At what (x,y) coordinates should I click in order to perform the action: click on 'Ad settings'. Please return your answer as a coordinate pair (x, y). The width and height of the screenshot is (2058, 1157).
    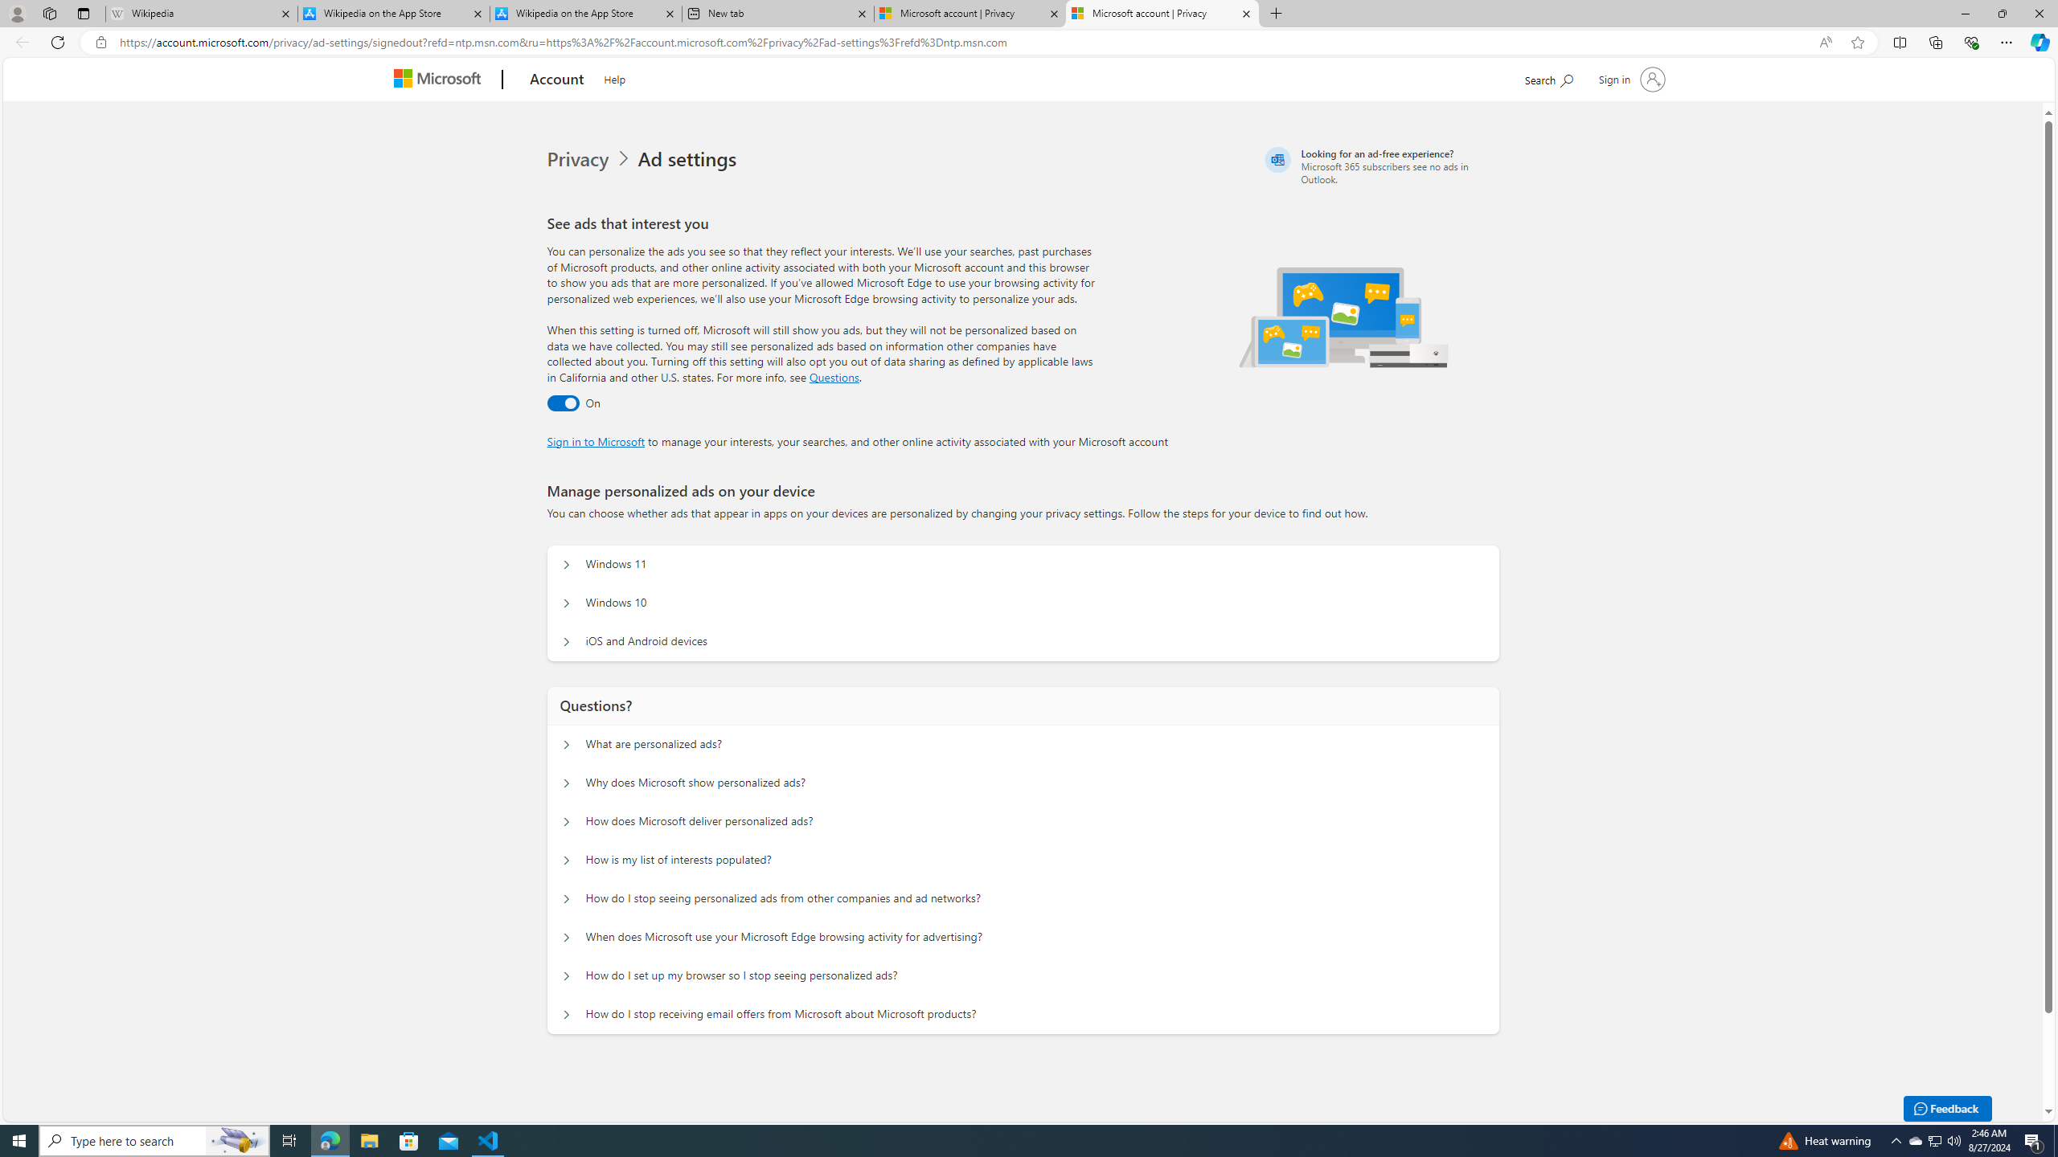
    Looking at the image, I should click on (689, 159).